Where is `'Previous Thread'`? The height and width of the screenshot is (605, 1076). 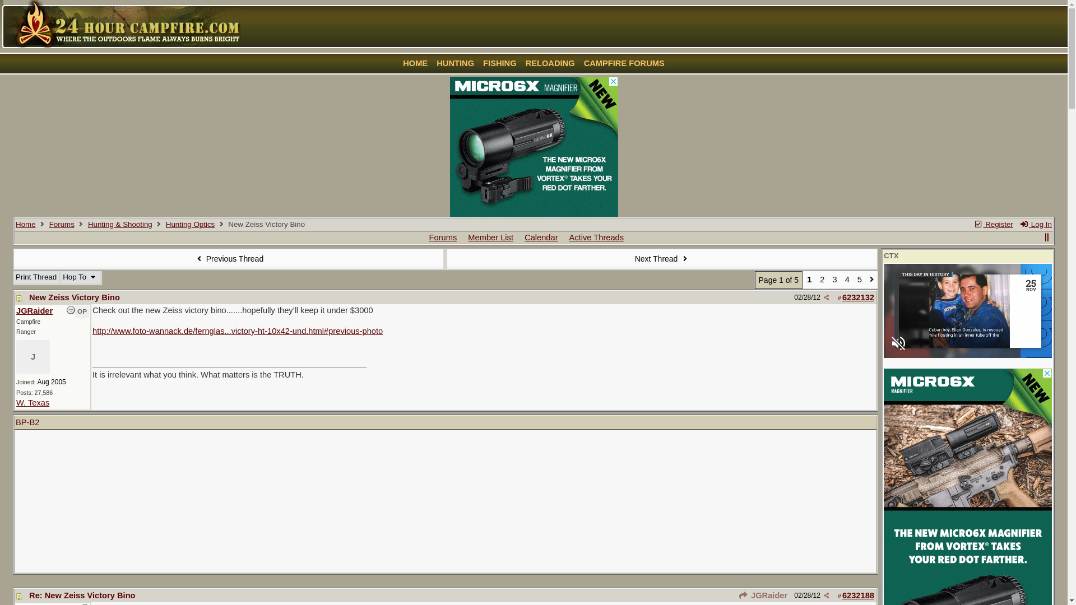 'Previous Thread' is located at coordinates (13, 259).